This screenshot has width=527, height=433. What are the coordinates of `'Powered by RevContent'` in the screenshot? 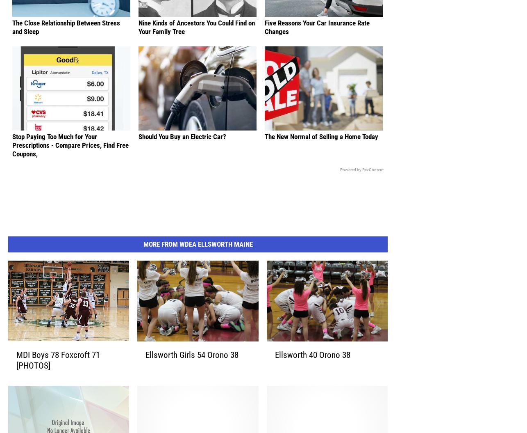 It's located at (361, 182).